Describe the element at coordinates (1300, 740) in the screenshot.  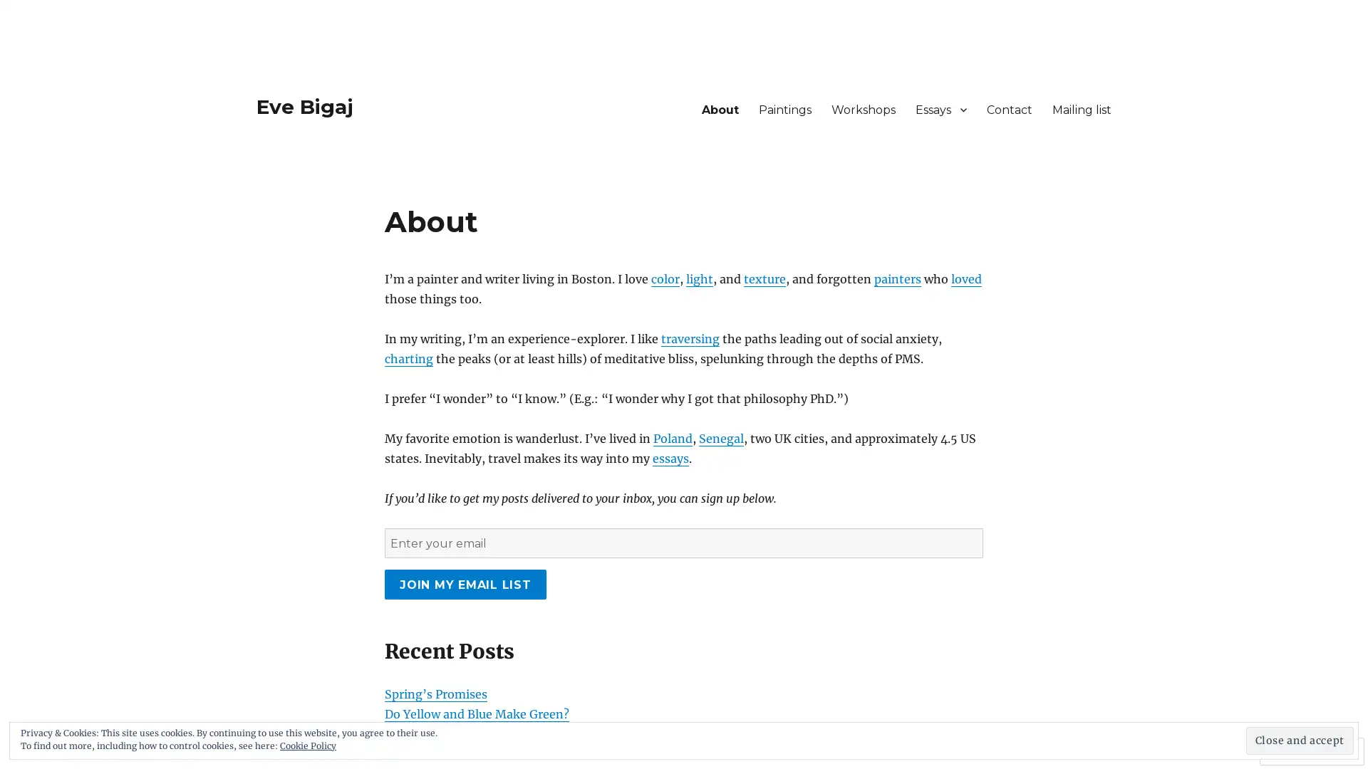
I see `Close and accept` at that location.